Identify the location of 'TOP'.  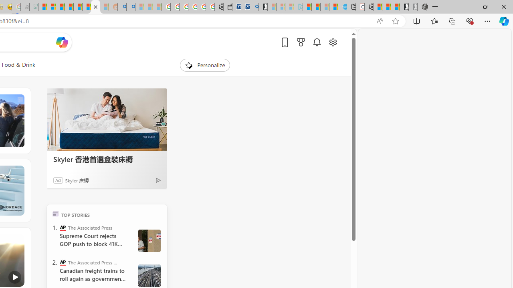
(55, 213).